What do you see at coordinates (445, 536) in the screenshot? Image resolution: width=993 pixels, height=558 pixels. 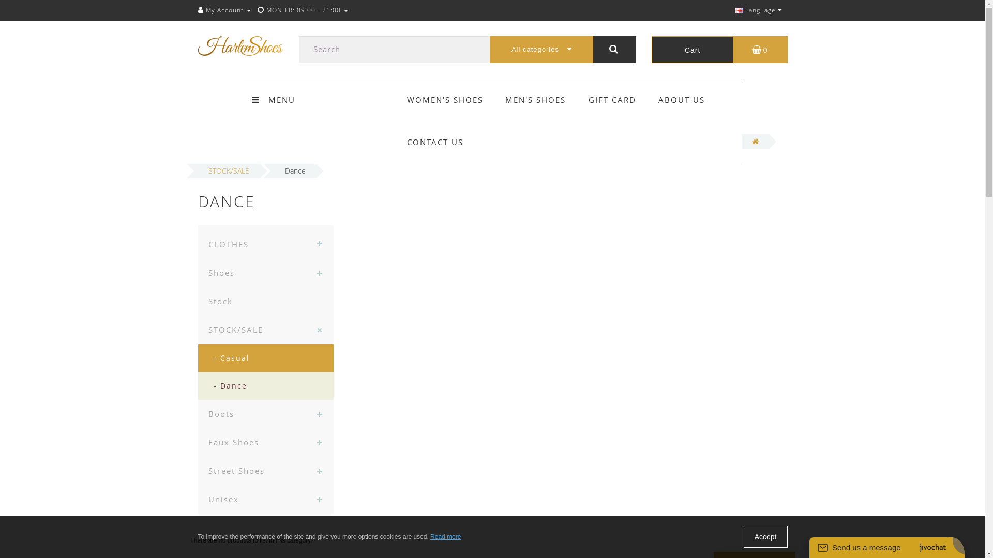 I see `'Read more'` at bounding box center [445, 536].